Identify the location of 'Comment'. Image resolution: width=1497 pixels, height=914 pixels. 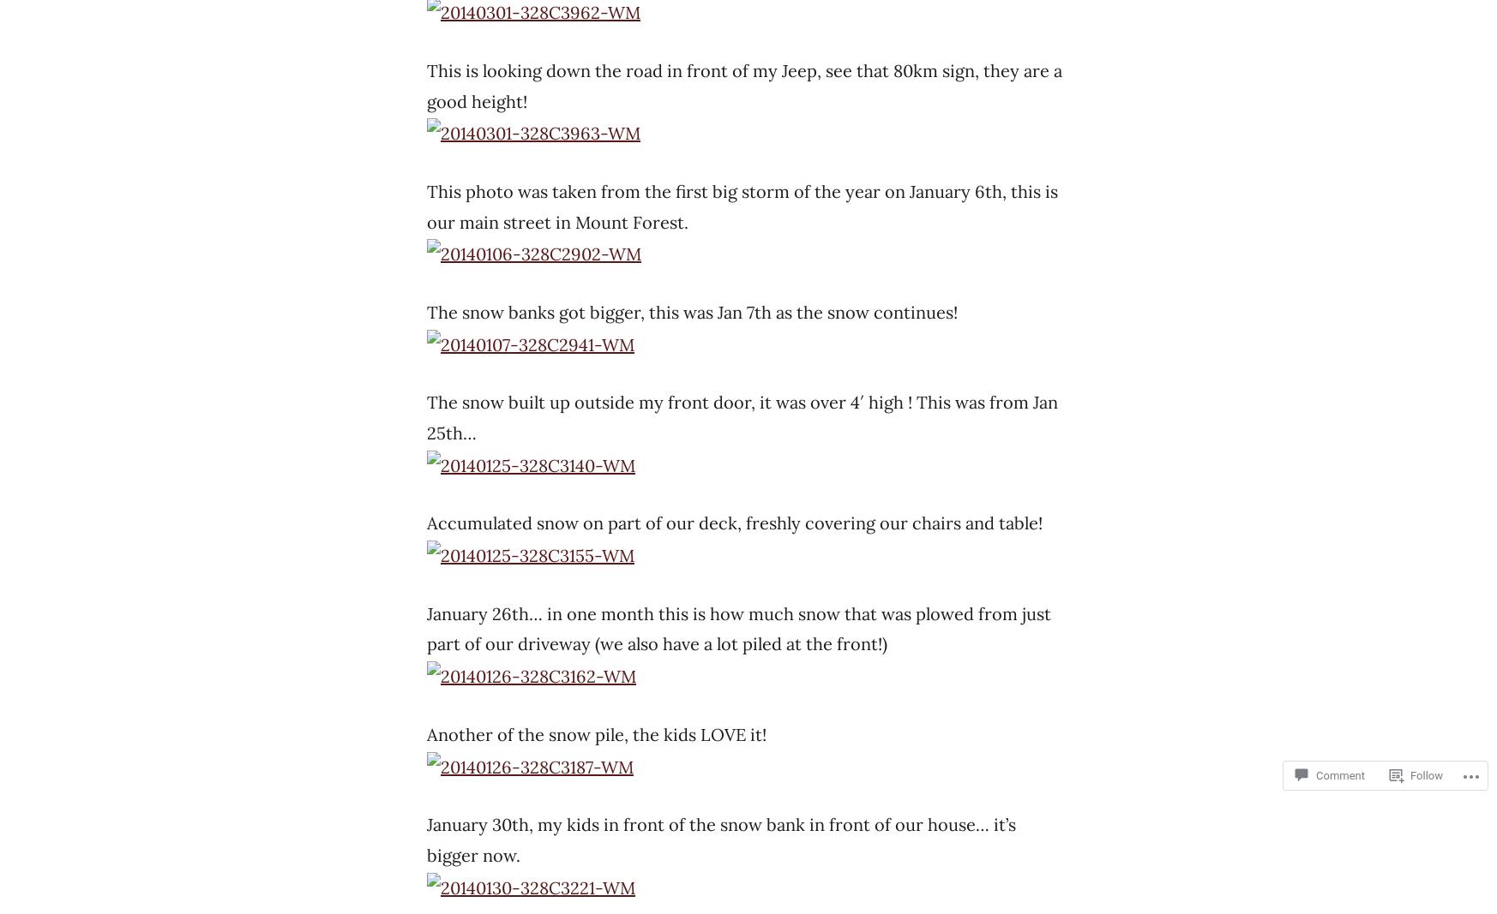
(1340, 775).